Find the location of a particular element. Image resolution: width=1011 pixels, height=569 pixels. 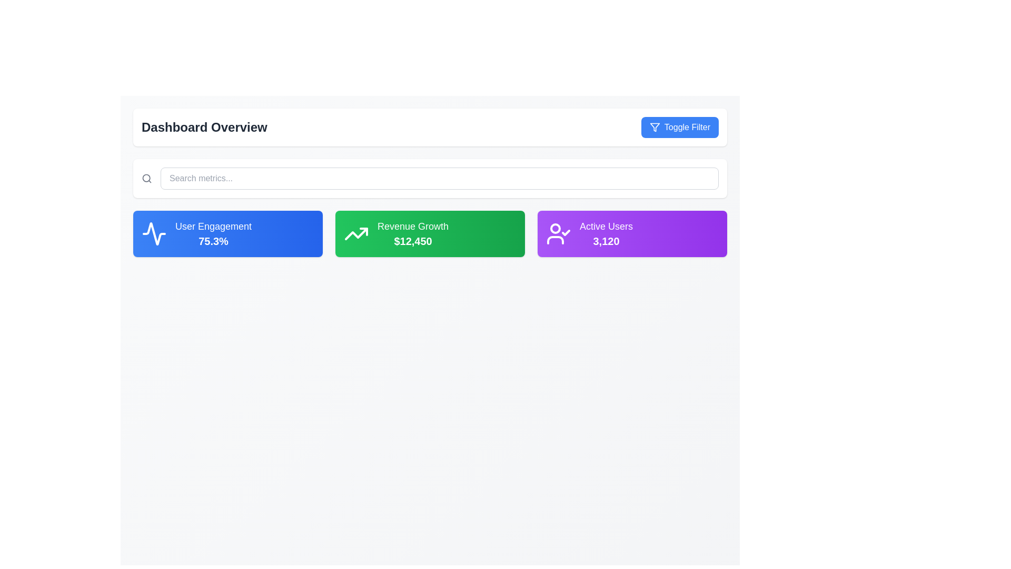

the search icon, which is a minimalist outline design of a magnifying glass located on the far-left side of the search bar, to trigger a tooltip or visual changes is located at coordinates (146, 178).